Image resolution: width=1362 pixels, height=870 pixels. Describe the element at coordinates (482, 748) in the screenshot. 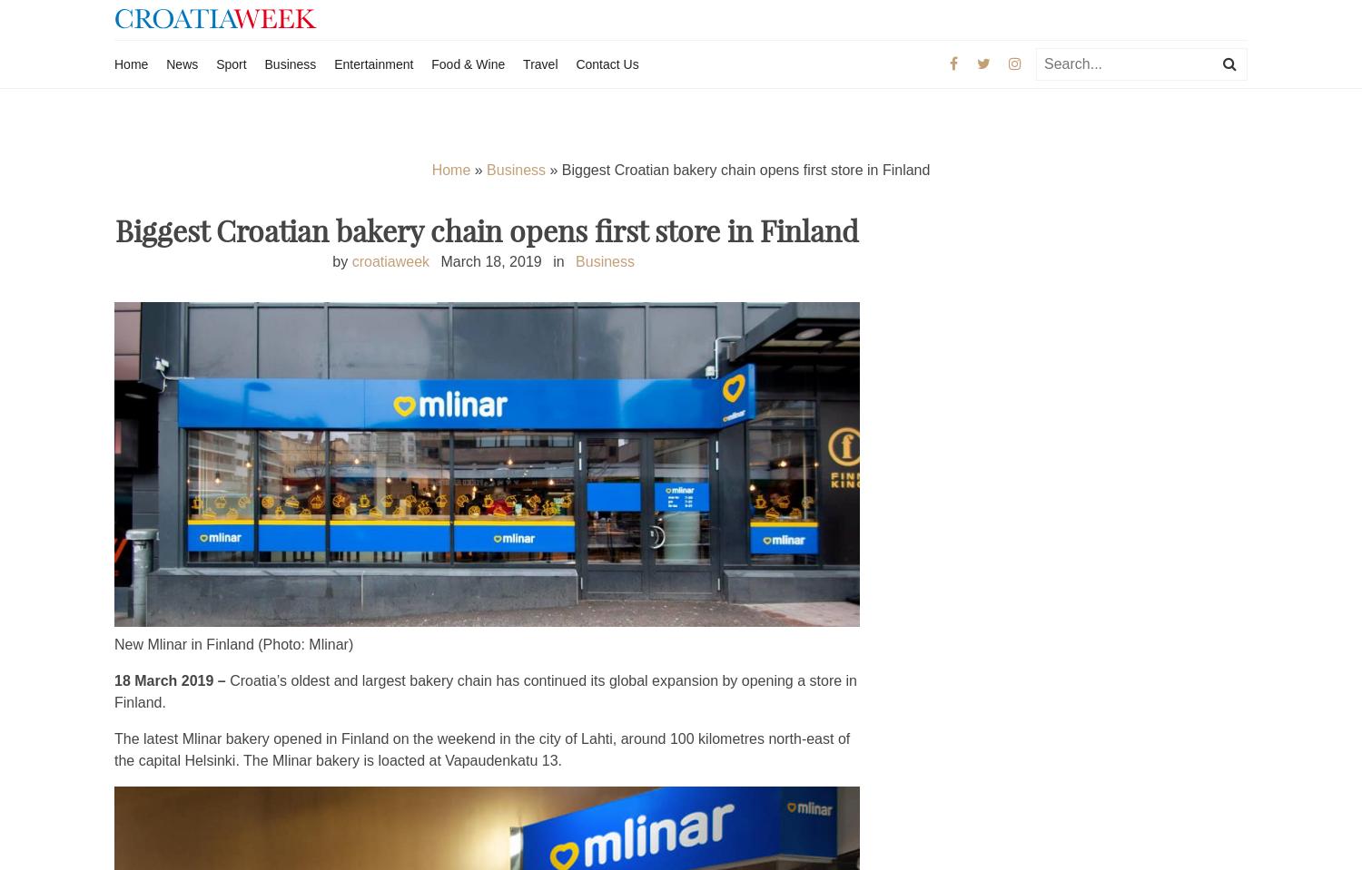

I see `'The latest Mlinar bakery opened in Finland on the weekend in the city of Lahti, around 100 kilometres north-east of the capital Helsinki. The Mlinar bakery is loacted at Vapaudenkatu 13.'` at that location.